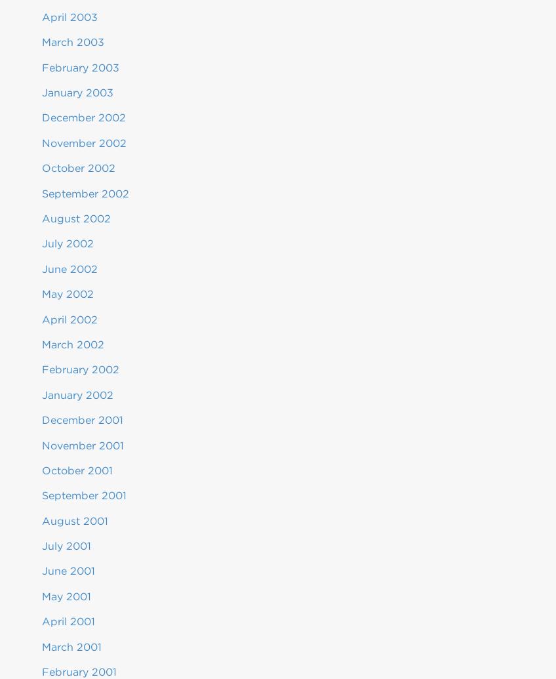 This screenshot has height=679, width=556. Describe the element at coordinates (42, 93) in the screenshot. I see `'January 2003'` at that location.